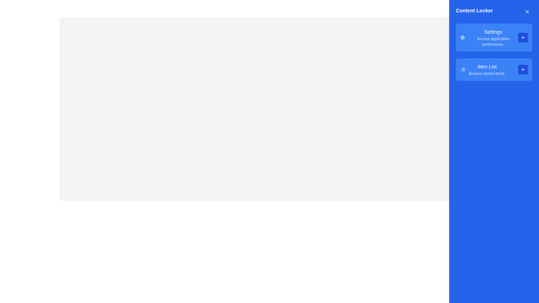 The height and width of the screenshot is (303, 539). I want to click on the cogwheel icon to the left of the 'Settings' text under the 'Content Locker' section, so click(463, 38).